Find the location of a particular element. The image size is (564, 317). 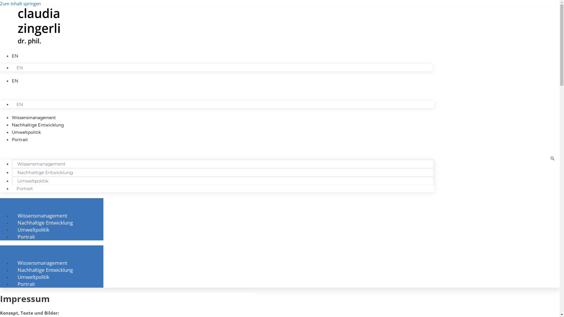

'Wissensmanagement' is located at coordinates (42, 262).